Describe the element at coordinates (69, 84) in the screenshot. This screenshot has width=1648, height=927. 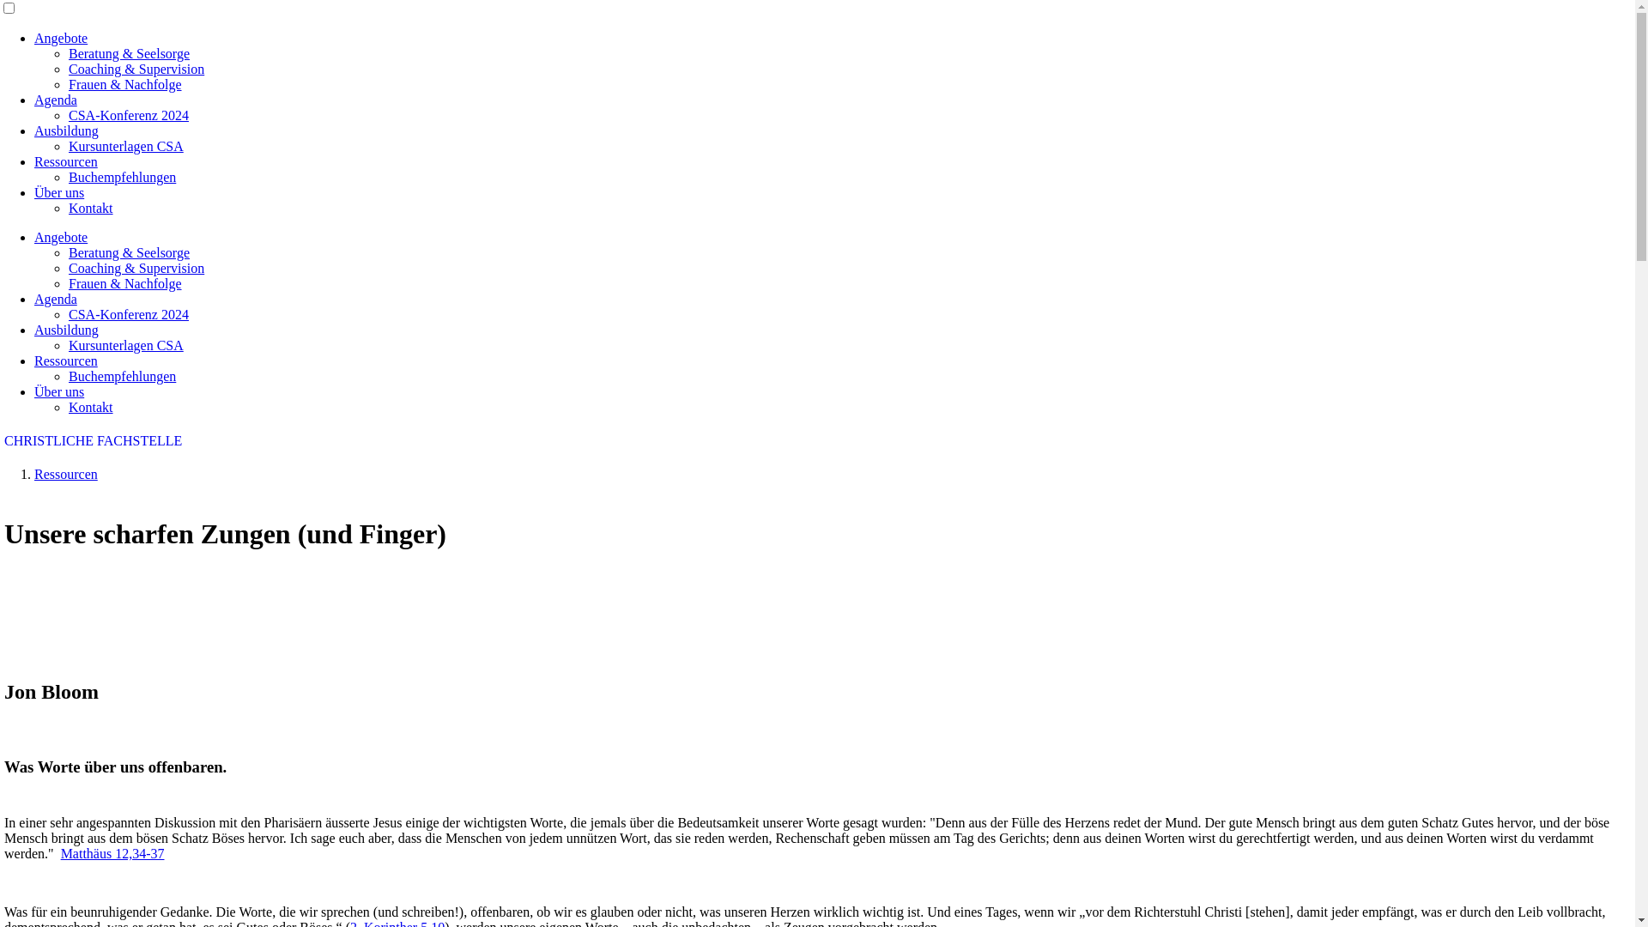
I see `'Frauen & Nachfolge'` at that location.